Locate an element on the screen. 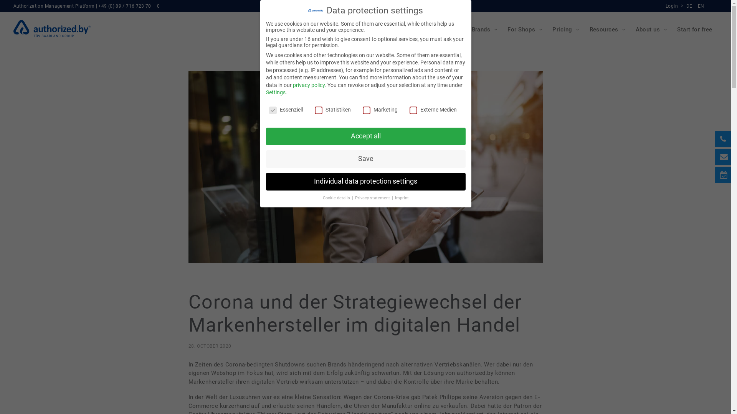  'Login' is located at coordinates (674, 6).